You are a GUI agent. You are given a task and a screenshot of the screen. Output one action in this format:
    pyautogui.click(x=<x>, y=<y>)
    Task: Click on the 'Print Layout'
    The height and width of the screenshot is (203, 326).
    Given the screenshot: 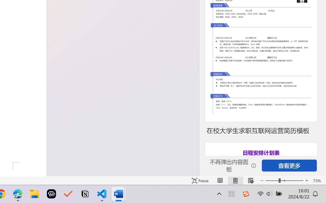 What is the action you would take?
    pyautogui.click(x=235, y=180)
    